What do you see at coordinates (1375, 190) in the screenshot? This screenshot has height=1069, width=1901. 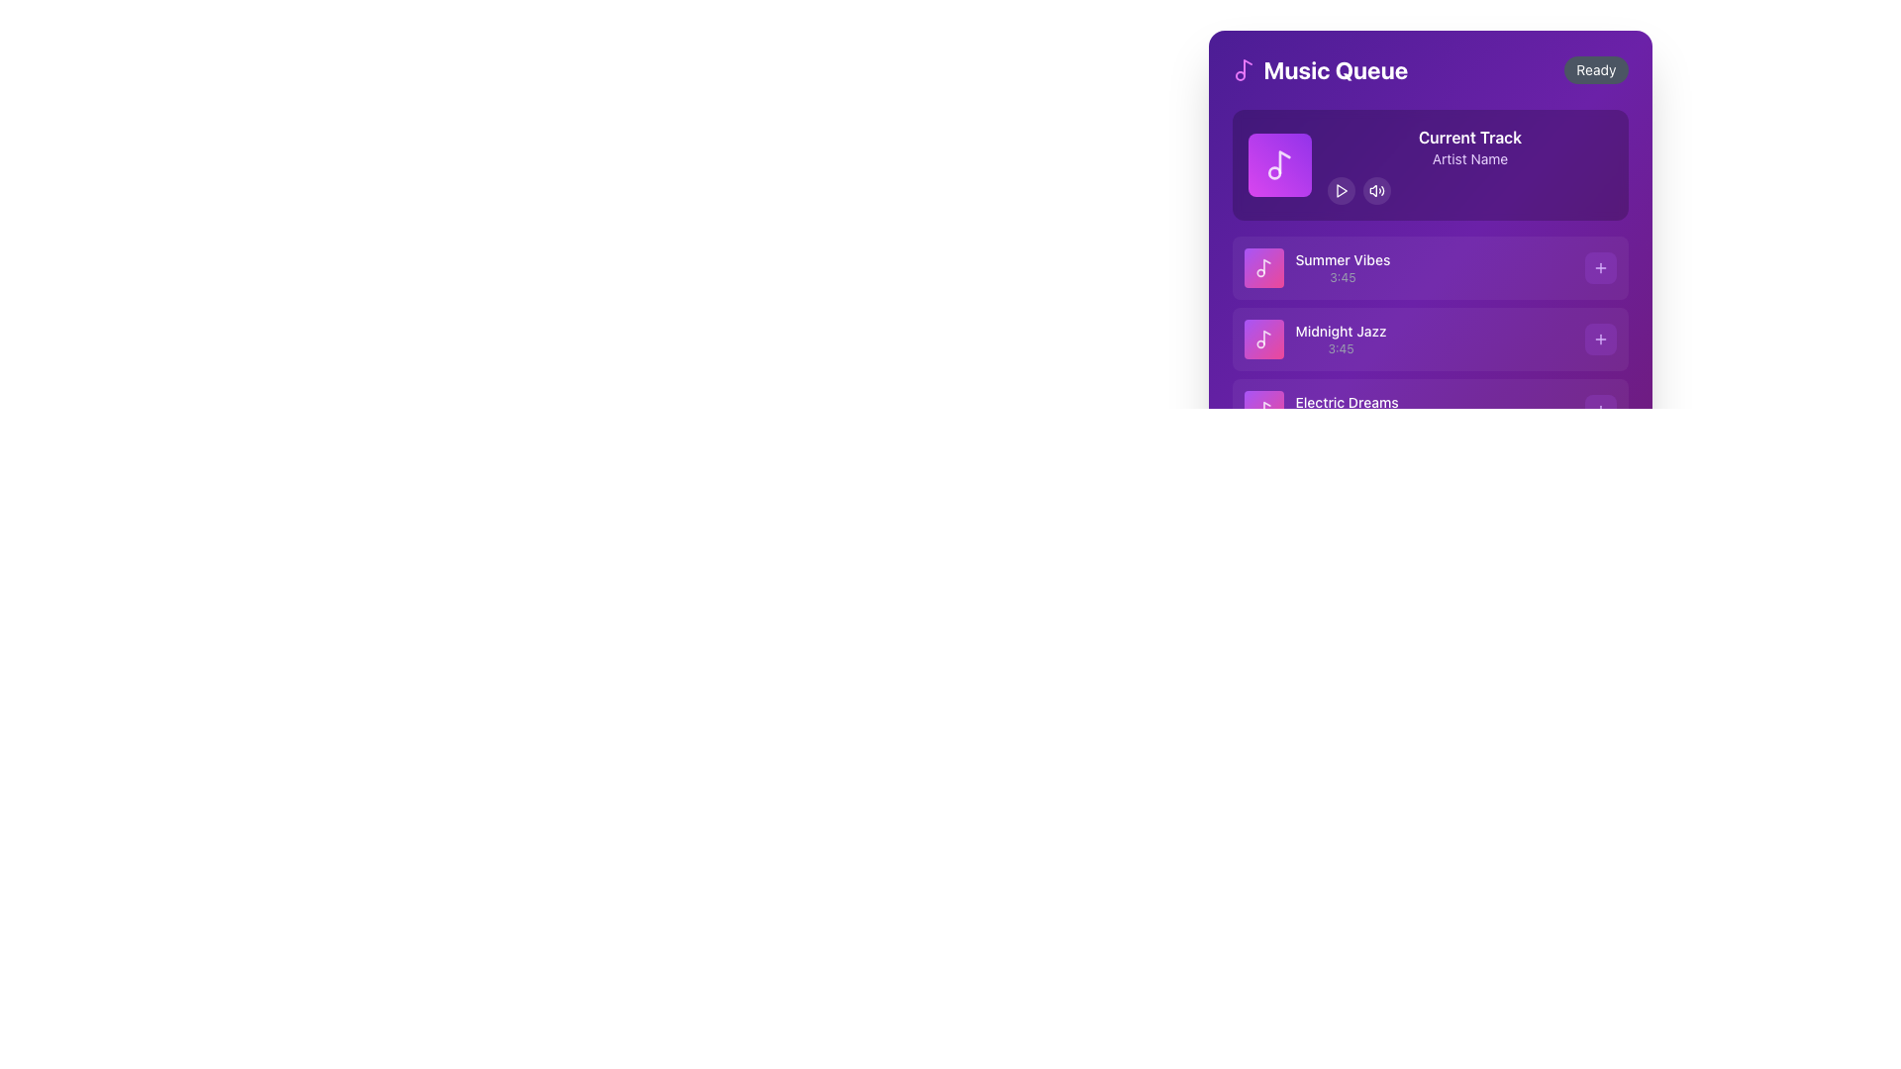 I see `the volume control icon located at the top right of the 'Music Queue' panel, above the track list and next to the 'Current Track' details` at bounding box center [1375, 190].